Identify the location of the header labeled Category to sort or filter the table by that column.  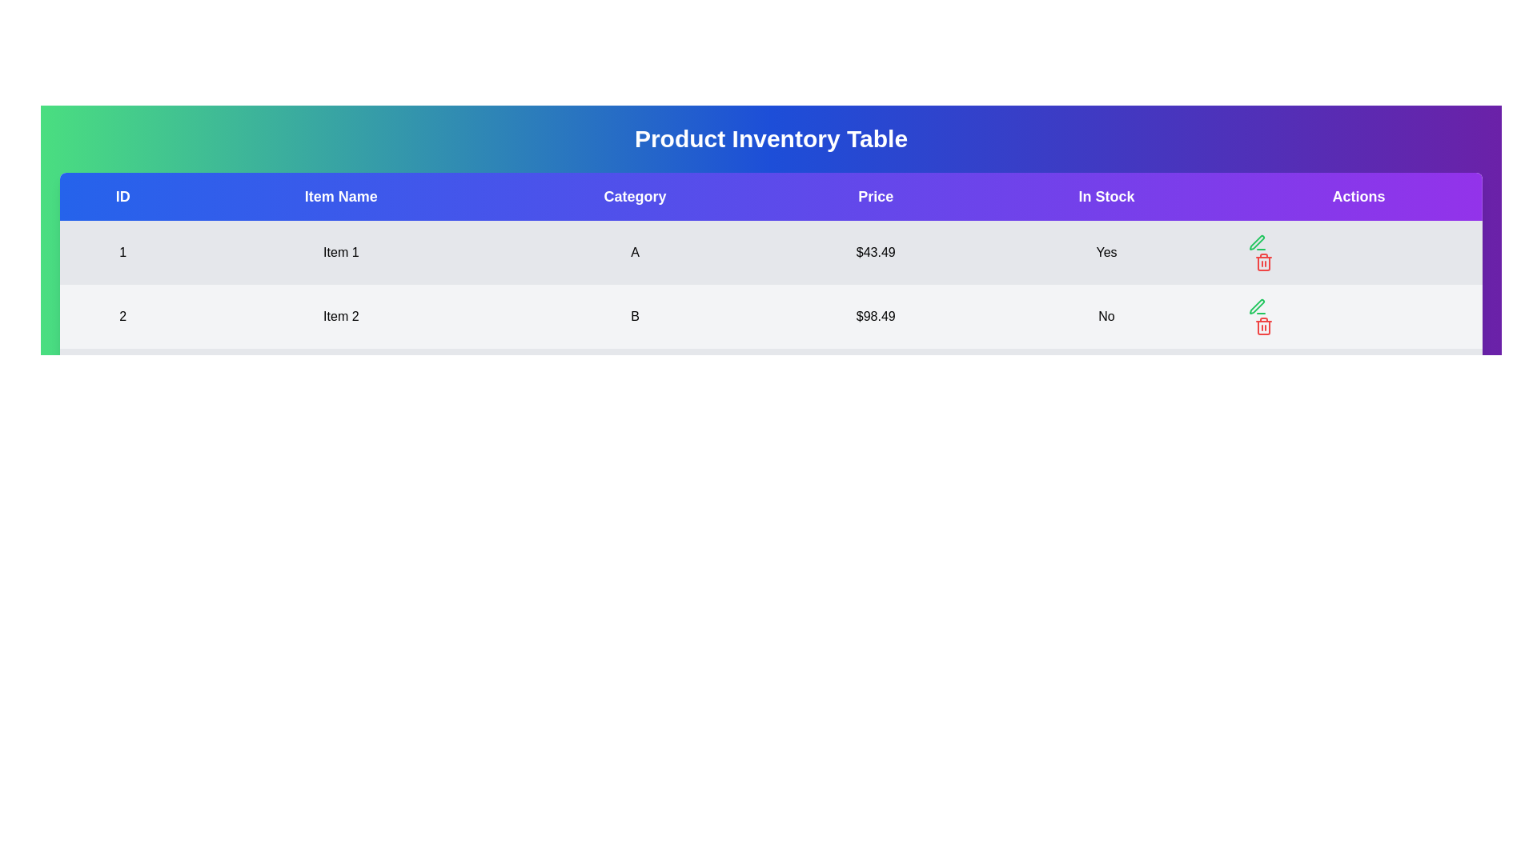
(634, 196).